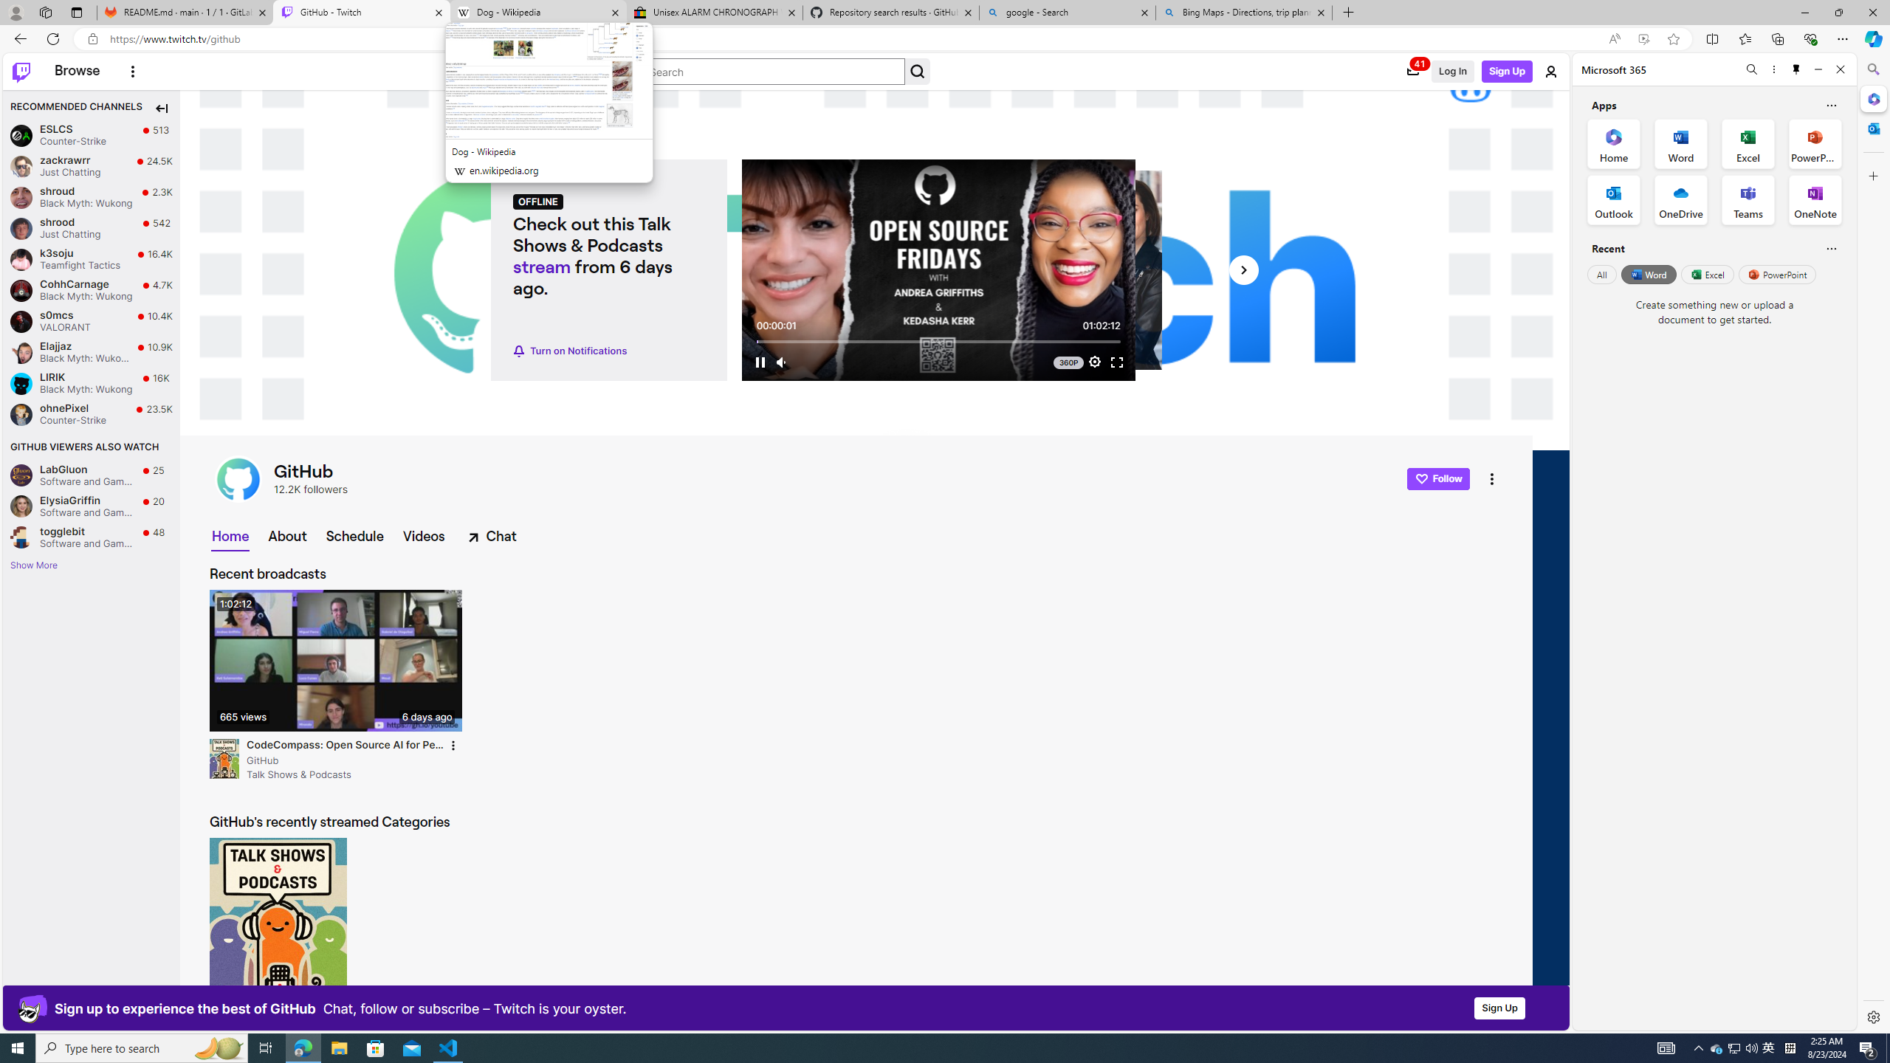 The height and width of the screenshot is (1063, 1890). I want to click on 'Excel Office App', so click(1748, 144).